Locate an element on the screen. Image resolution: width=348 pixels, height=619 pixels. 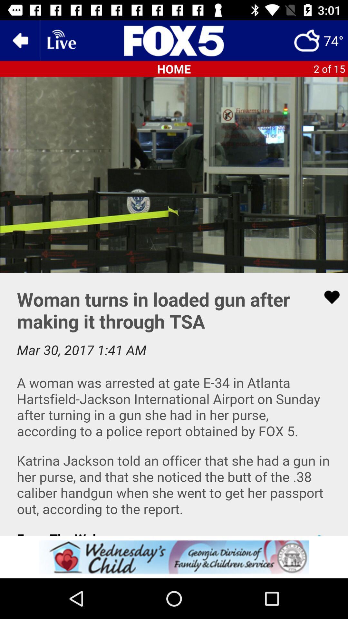
live broadcast is located at coordinates (61, 40).